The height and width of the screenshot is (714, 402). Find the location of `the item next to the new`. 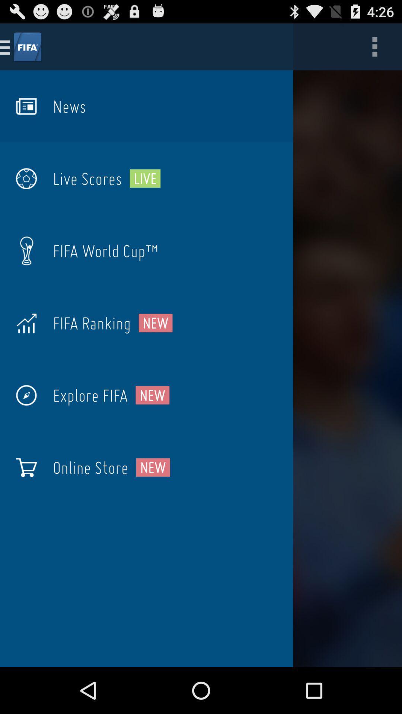

the item next to the new is located at coordinates (90, 395).